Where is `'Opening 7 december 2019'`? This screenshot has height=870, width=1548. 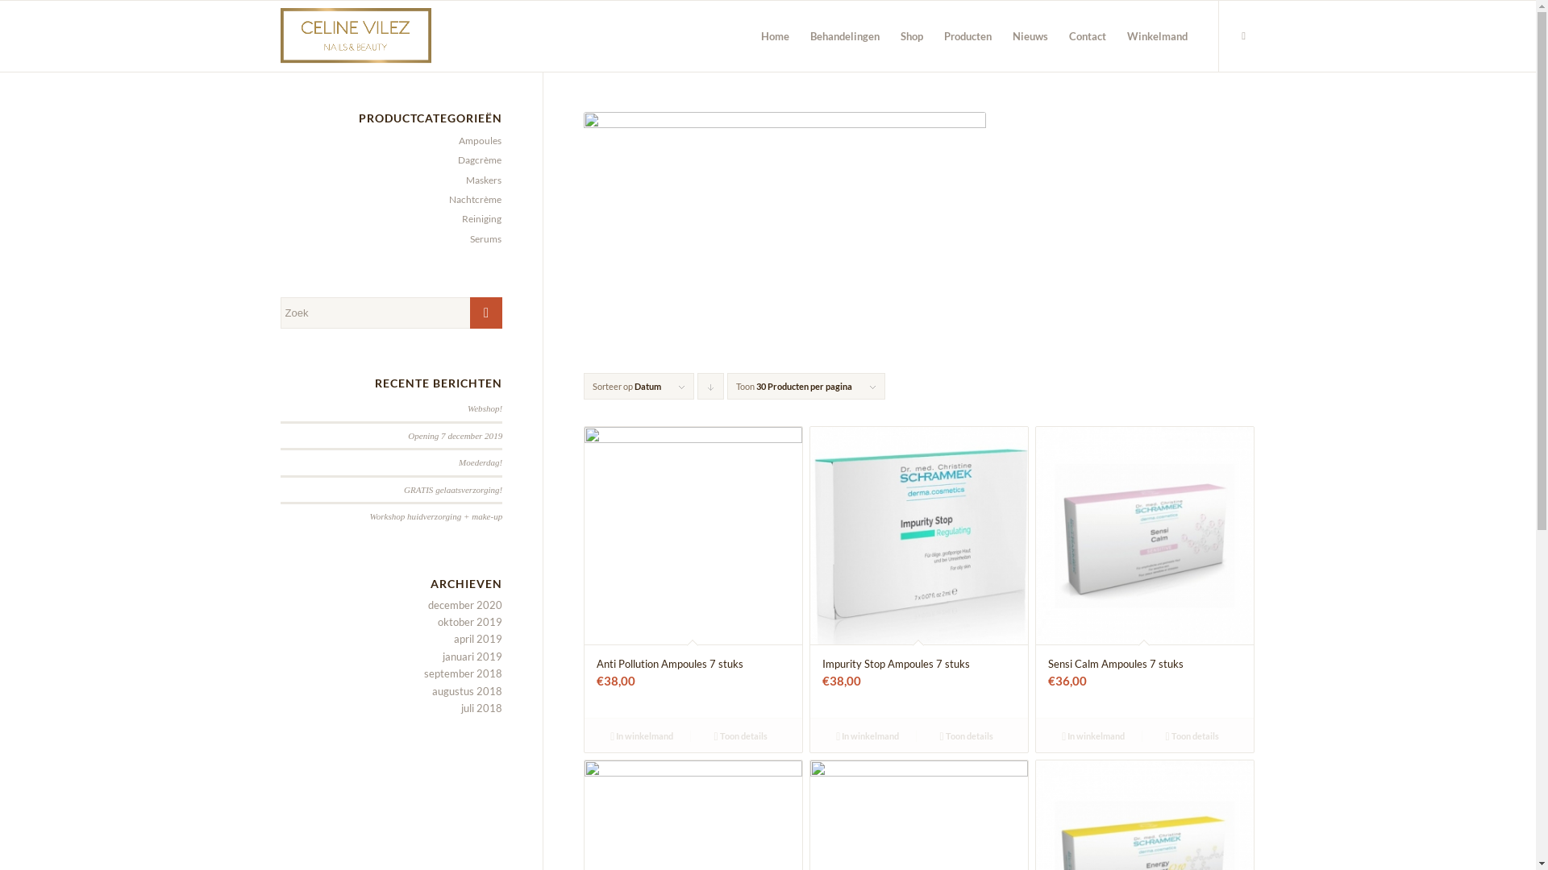 'Opening 7 december 2019' is located at coordinates (454, 435).